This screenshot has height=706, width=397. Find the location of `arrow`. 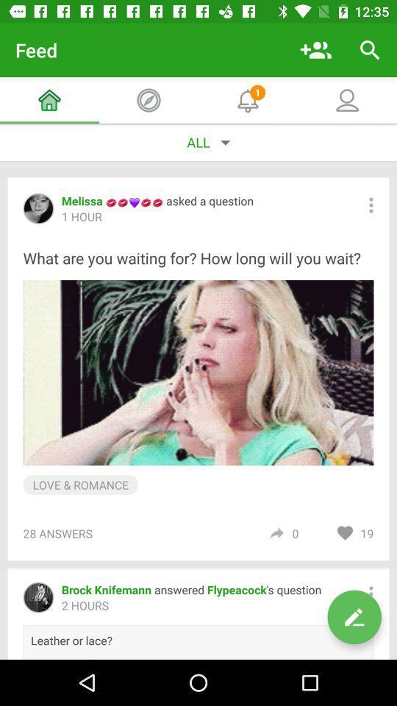

arrow is located at coordinates (276, 532).